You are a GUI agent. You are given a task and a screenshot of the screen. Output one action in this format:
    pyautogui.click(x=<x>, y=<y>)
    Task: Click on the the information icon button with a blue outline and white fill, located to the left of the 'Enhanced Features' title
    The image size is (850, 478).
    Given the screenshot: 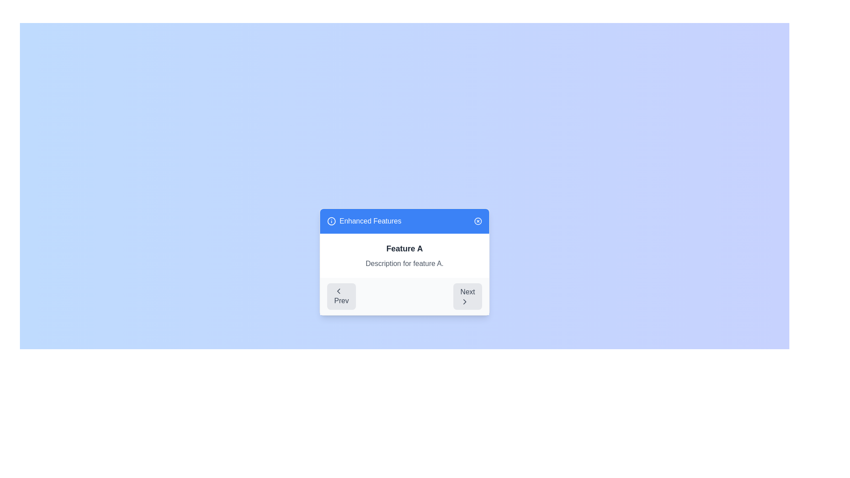 What is the action you would take?
    pyautogui.click(x=331, y=221)
    